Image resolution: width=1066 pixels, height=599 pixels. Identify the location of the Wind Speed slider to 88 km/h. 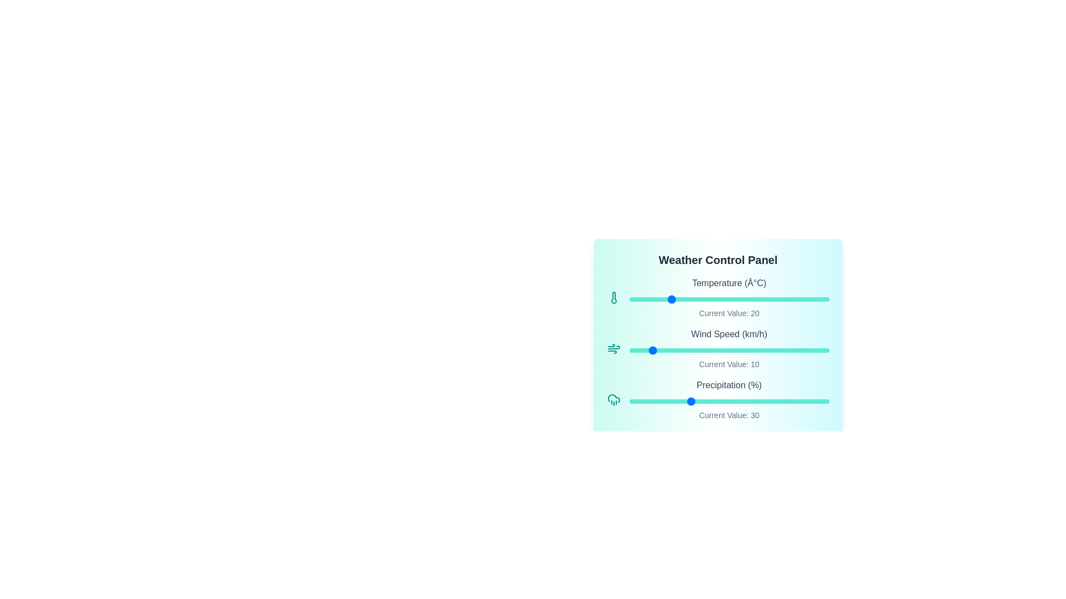
(805, 351).